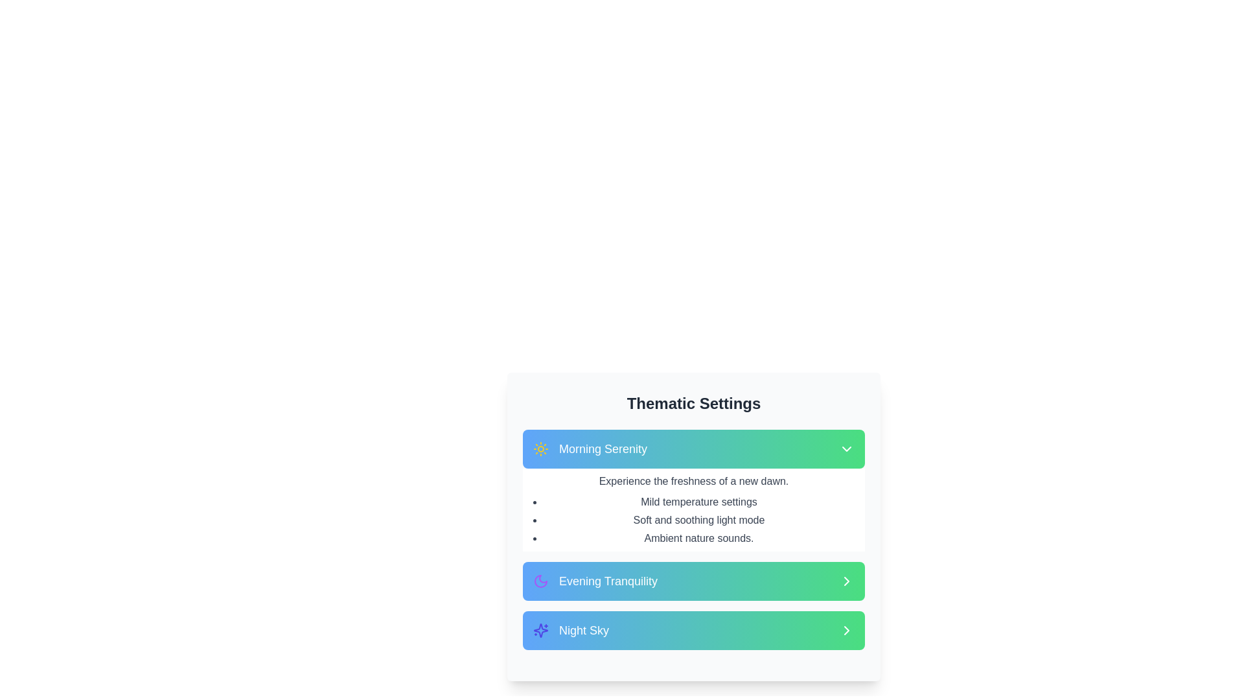 This screenshot has height=700, width=1244. What do you see at coordinates (608, 581) in the screenshot?
I see `the 'Evening Tranquility' text label within the thematic options button located under the 'Thematic Settings' title` at bounding box center [608, 581].